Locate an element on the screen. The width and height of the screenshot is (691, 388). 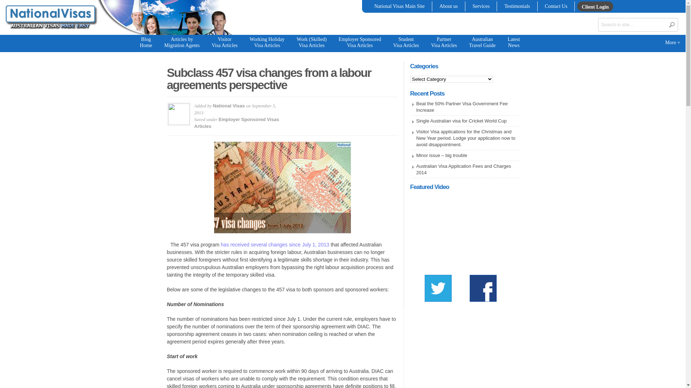
'has received several changes since July 1, 2013' is located at coordinates (221, 244).